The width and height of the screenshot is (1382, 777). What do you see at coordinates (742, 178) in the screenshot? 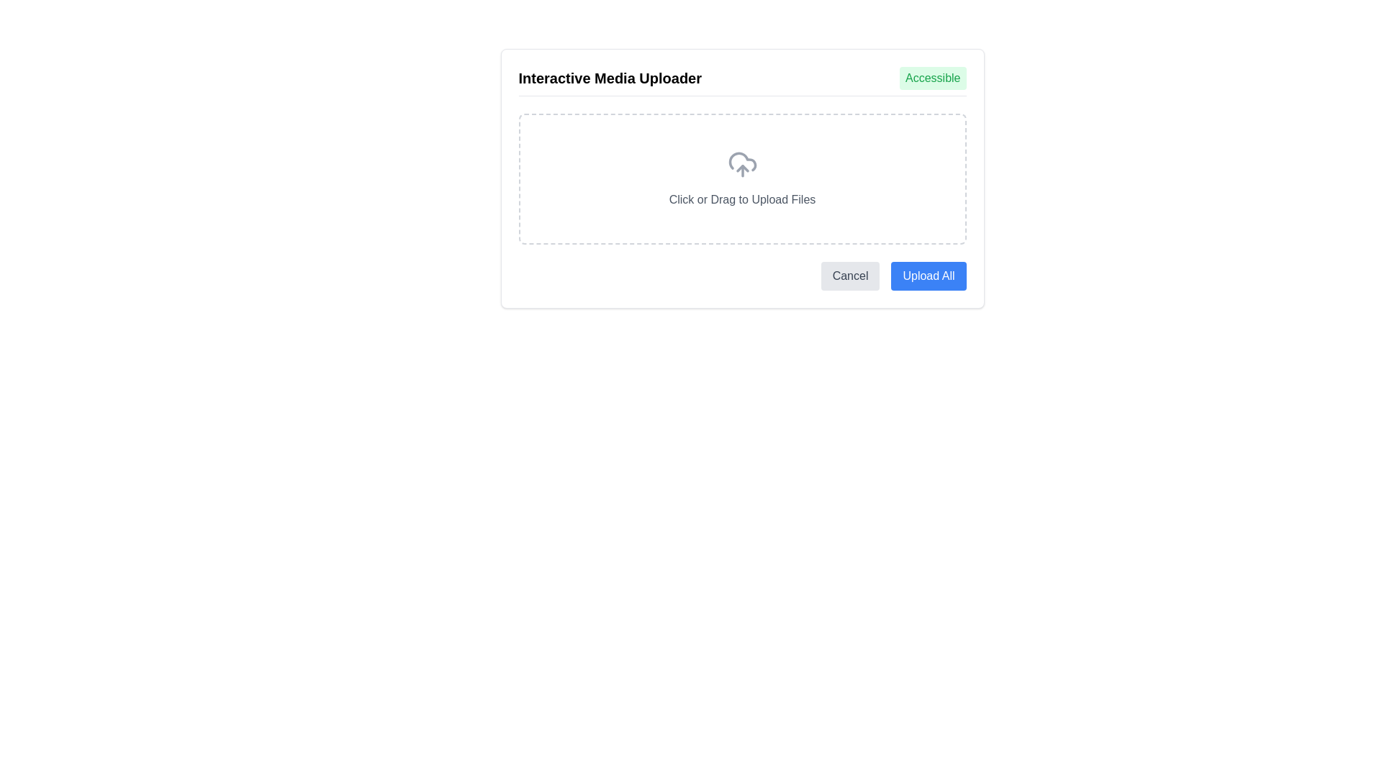
I see `the File upload area which has a dashed border and a cloud upload icon, indicating the area where files can be uploaded` at bounding box center [742, 178].